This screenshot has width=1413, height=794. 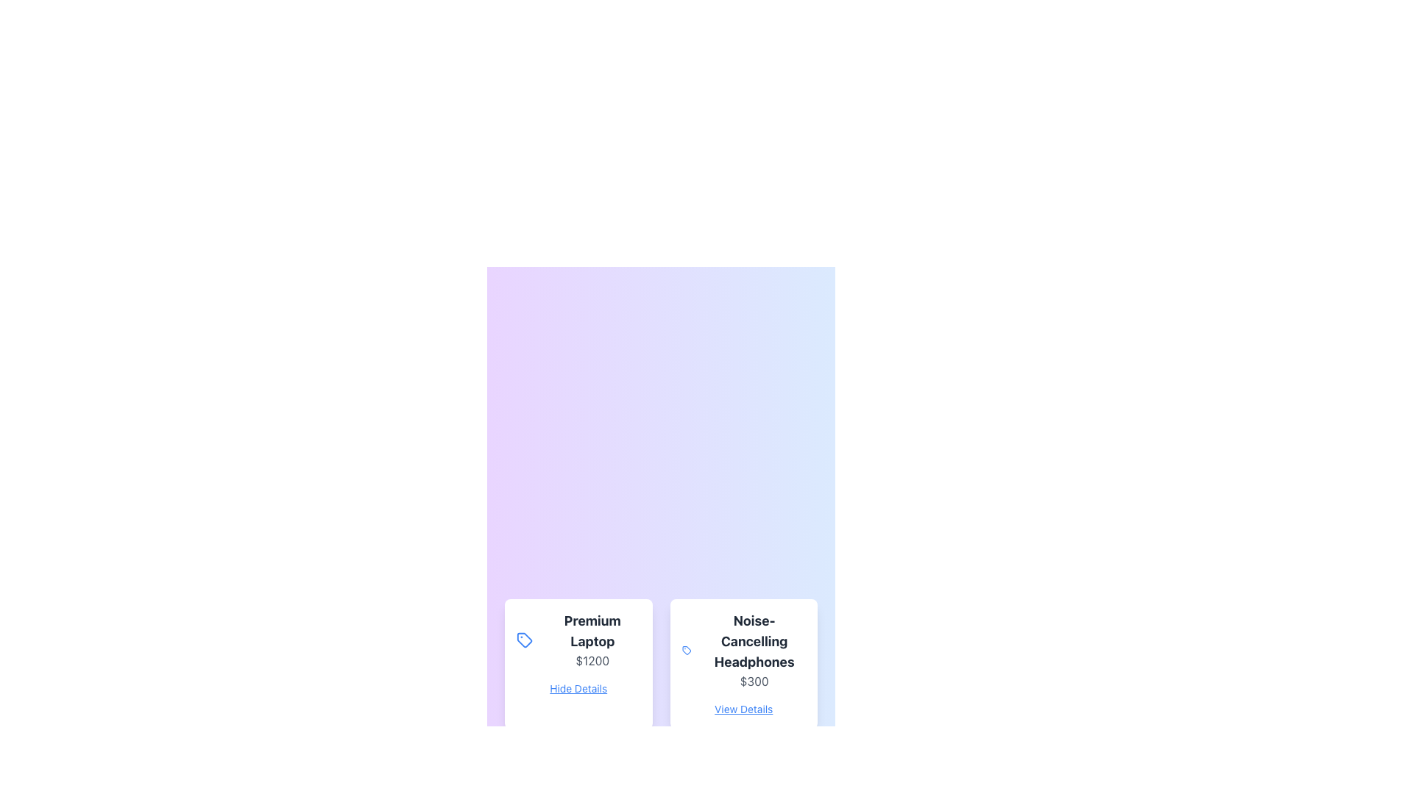 What do you see at coordinates (592, 639) in the screenshot?
I see `the text display element showing 'Premium Laptop' and its price '$1200', which is positioned centrally within the leftmost card of a horizontal series` at bounding box center [592, 639].